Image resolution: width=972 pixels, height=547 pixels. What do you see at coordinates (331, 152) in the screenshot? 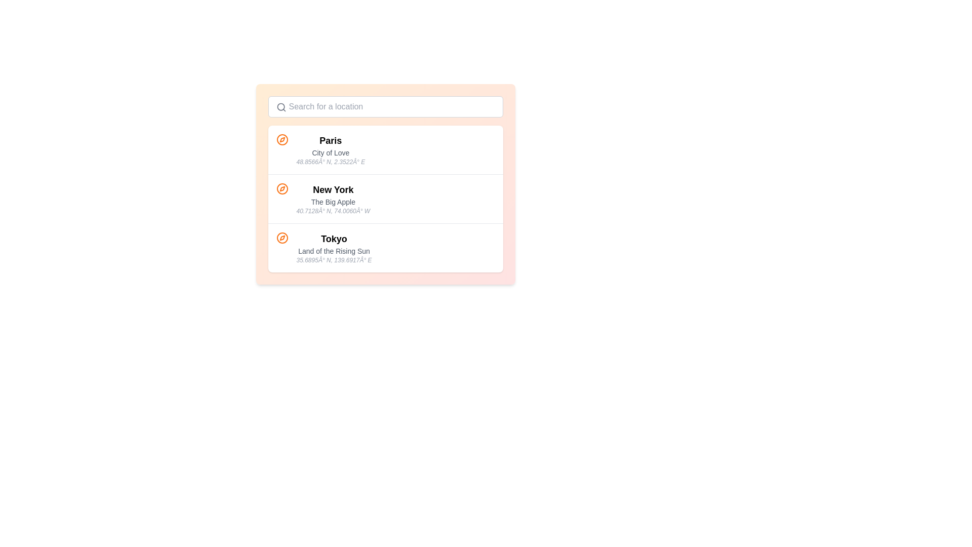
I see `the static text label displaying 'City of Love', which is styled in a smaller gray font and positioned below 'Paris' and above the coordinates '48.8566° N, 2.3522° E'` at bounding box center [331, 152].